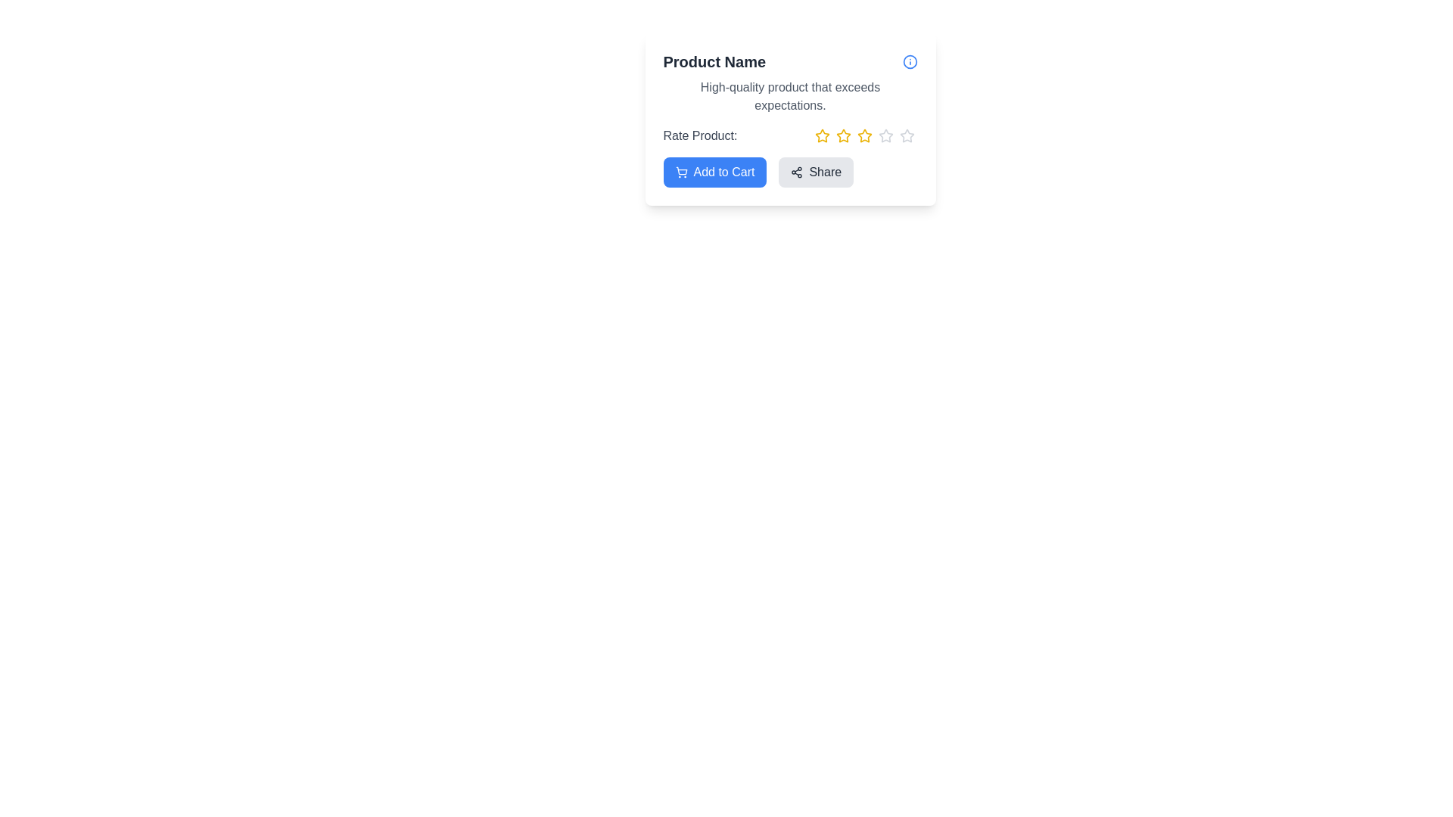  What do you see at coordinates (885, 136) in the screenshot?
I see `the product rating to 4 stars by clicking on the corresponding star` at bounding box center [885, 136].